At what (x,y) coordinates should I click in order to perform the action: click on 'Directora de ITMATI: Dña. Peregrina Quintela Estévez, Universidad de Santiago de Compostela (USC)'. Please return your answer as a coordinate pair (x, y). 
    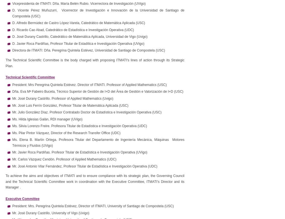
    Looking at the image, I should click on (89, 50).